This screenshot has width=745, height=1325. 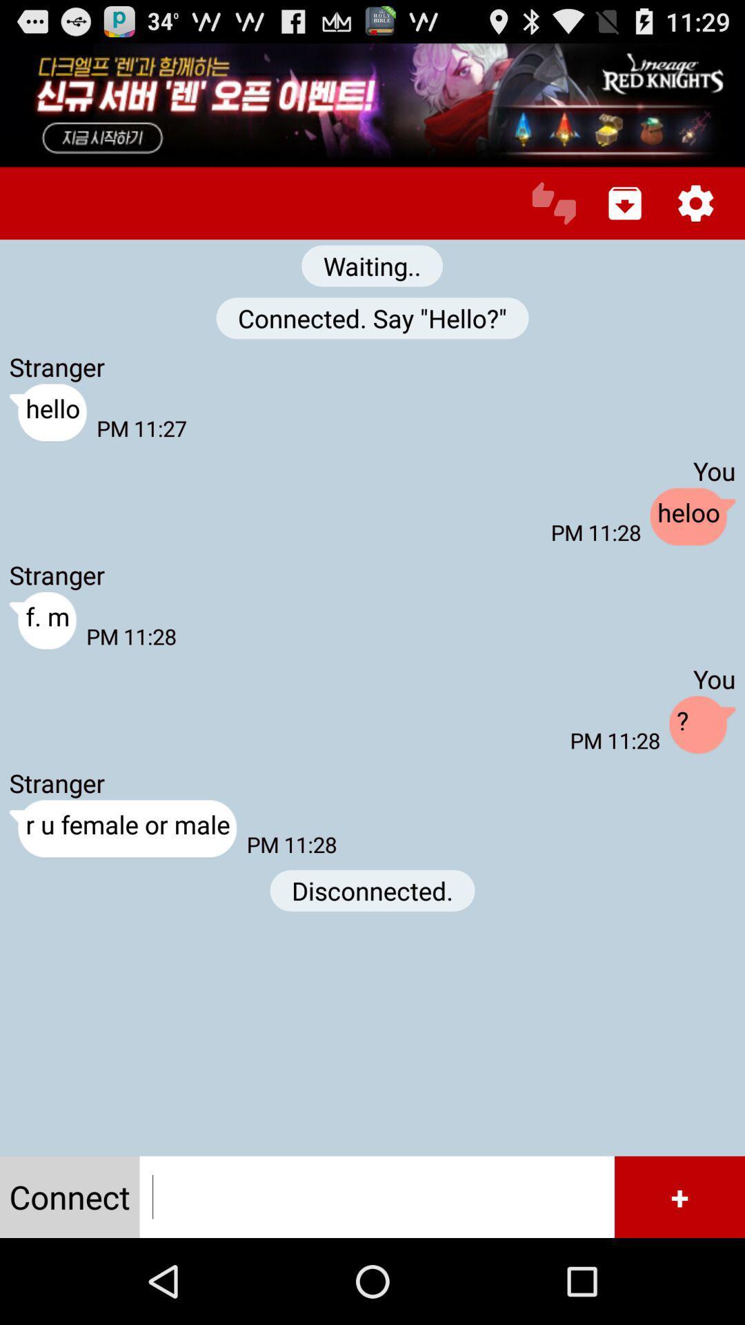 I want to click on connect to chat, so click(x=377, y=1196).